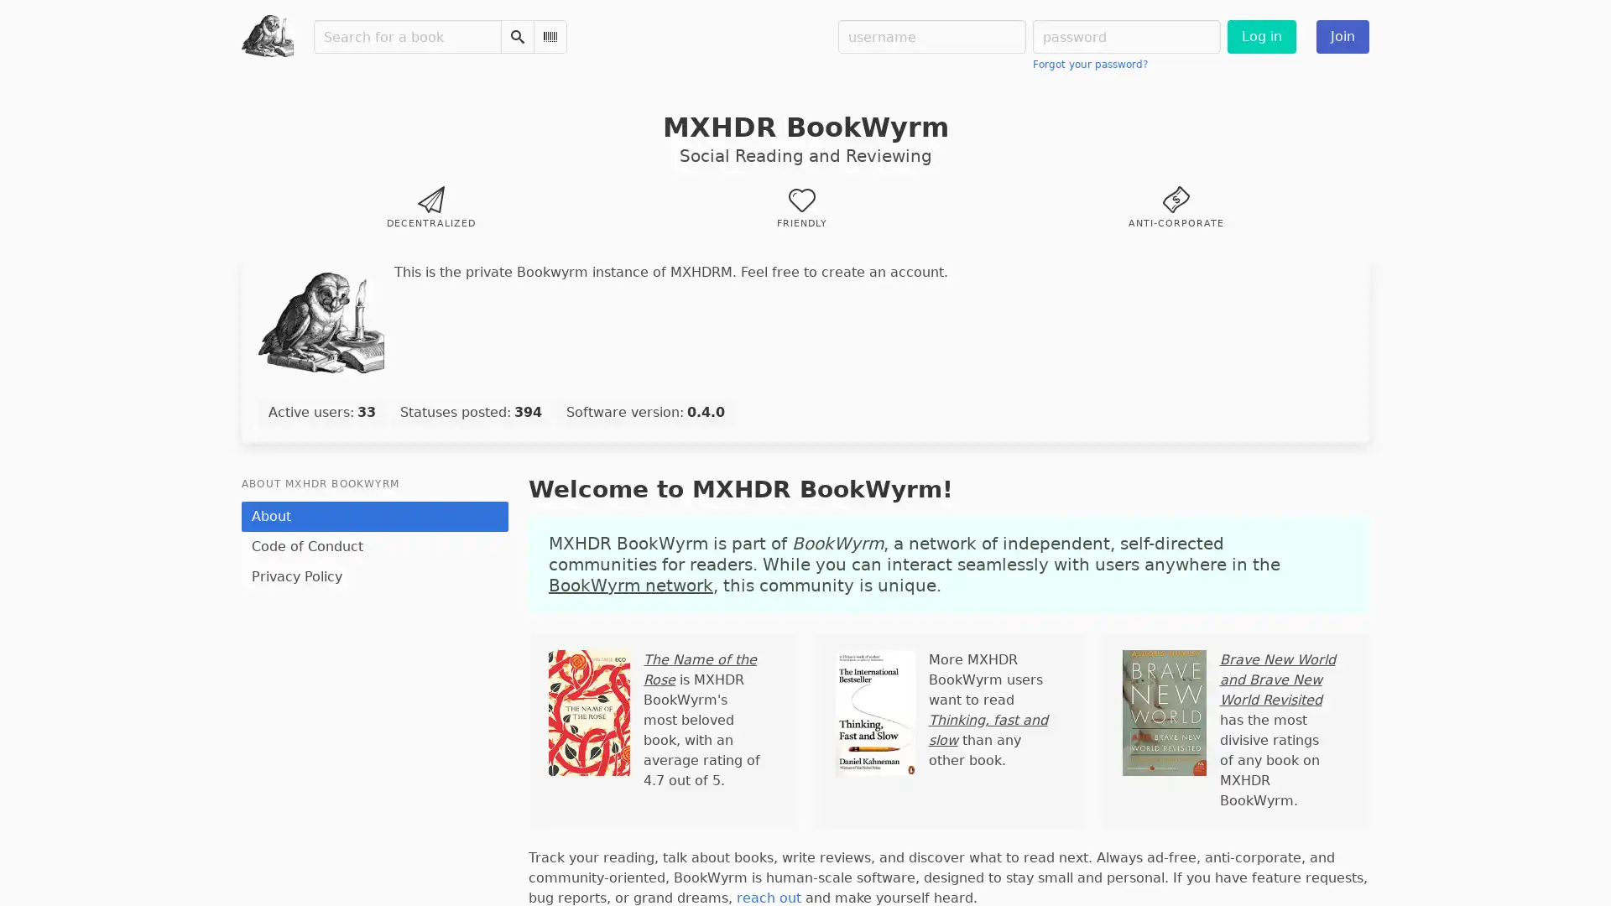 The height and width of the screenshot is (906, 1611). What do you see at coordinates (1261, 36) in the screenshot?
I see `Log in` at bounding box center [1261, 36].